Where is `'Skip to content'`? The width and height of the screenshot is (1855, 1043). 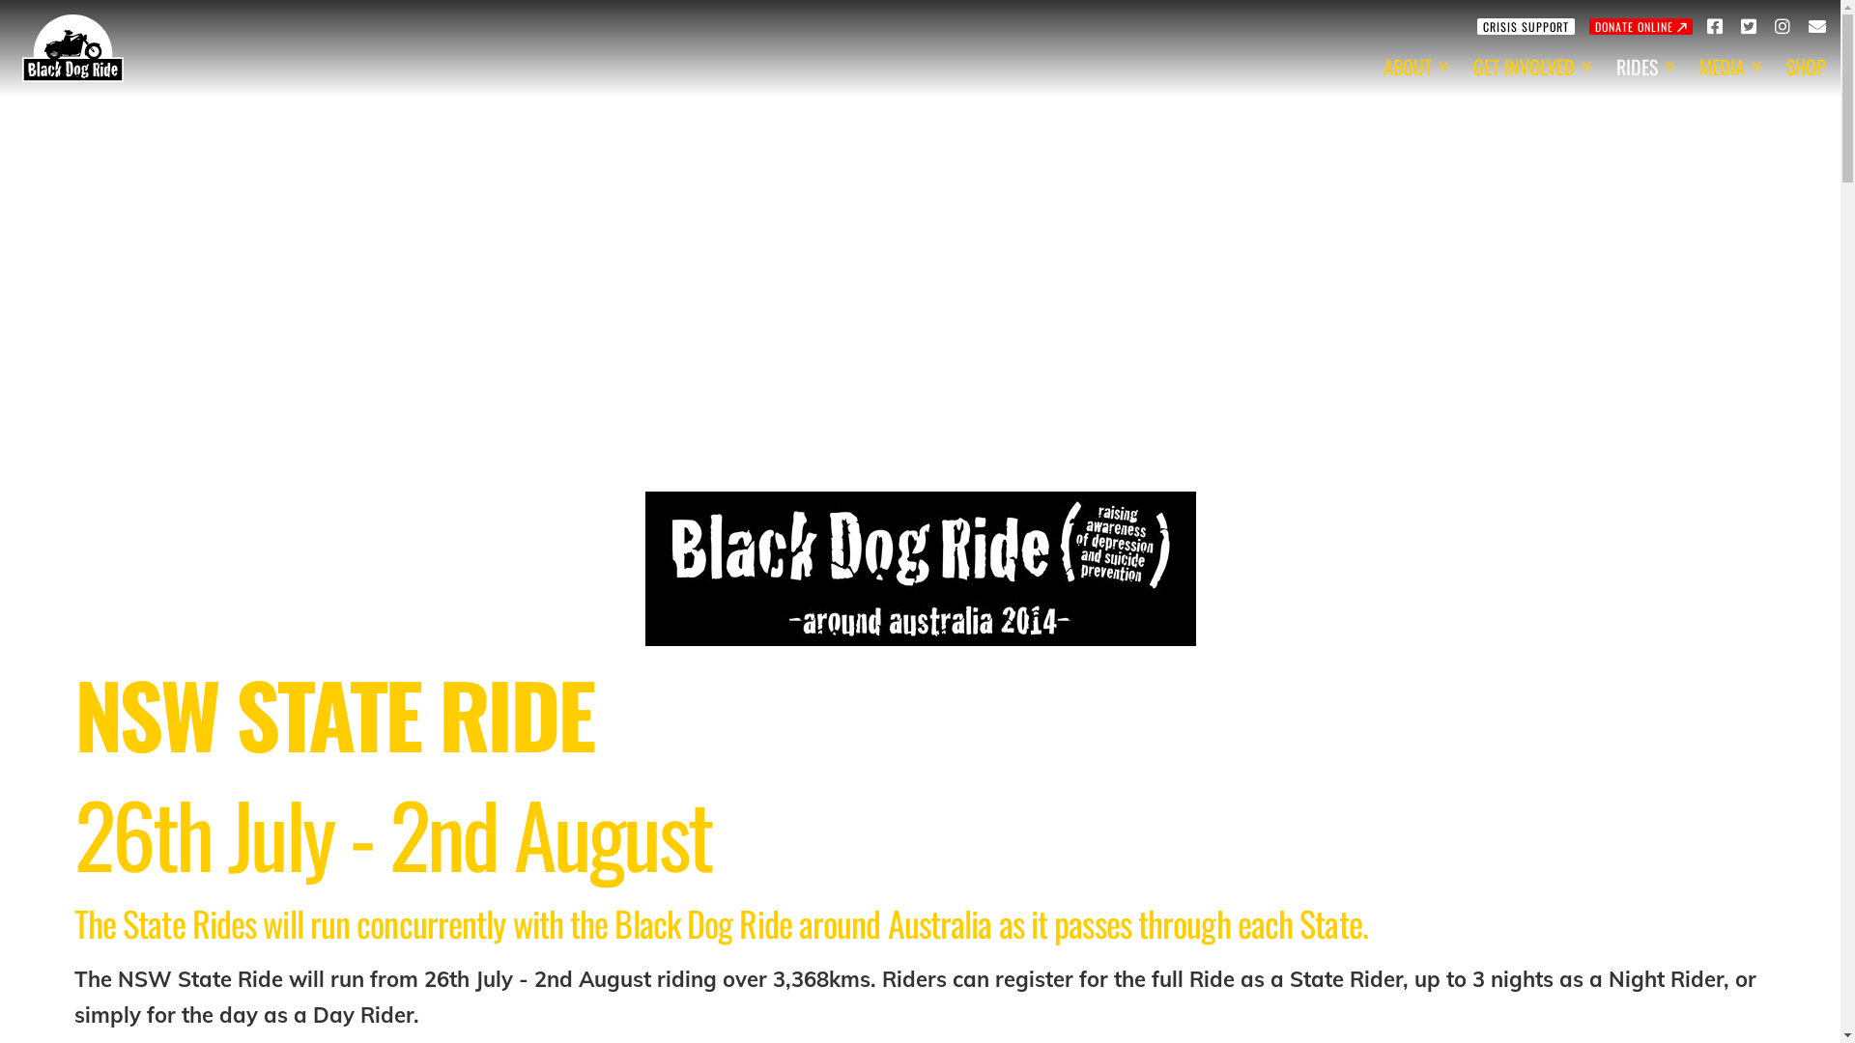
'Skip to content' is located at coordinates (9, 20).